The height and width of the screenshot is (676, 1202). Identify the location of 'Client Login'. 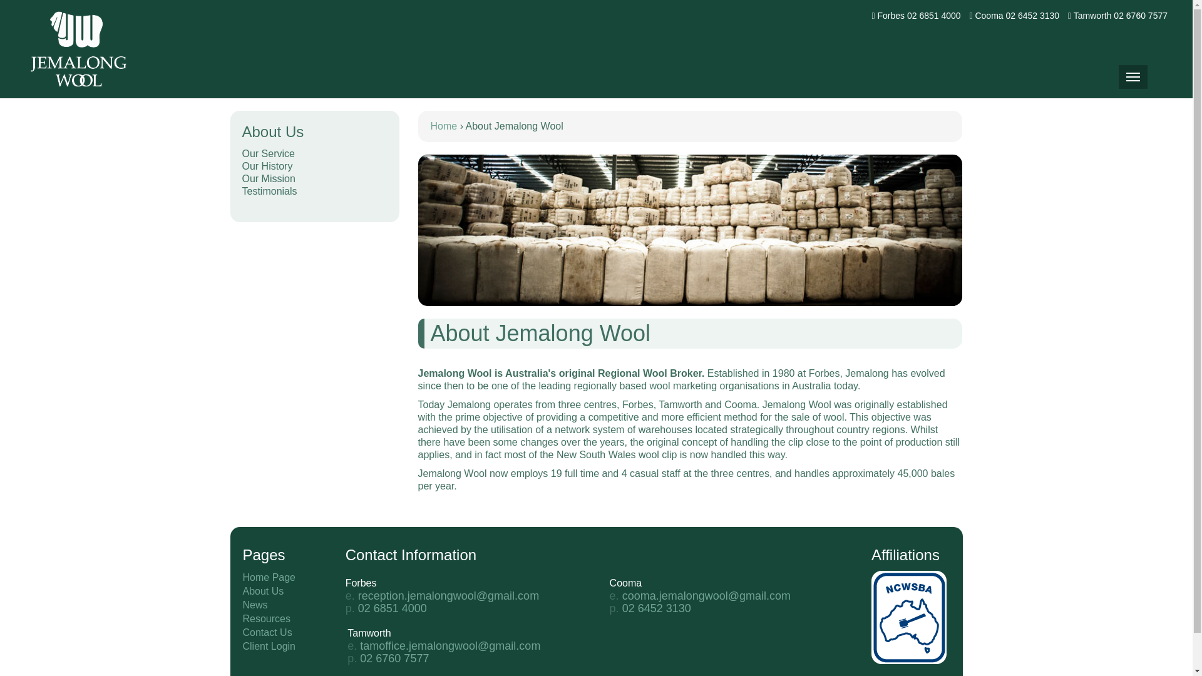
(269, 646).